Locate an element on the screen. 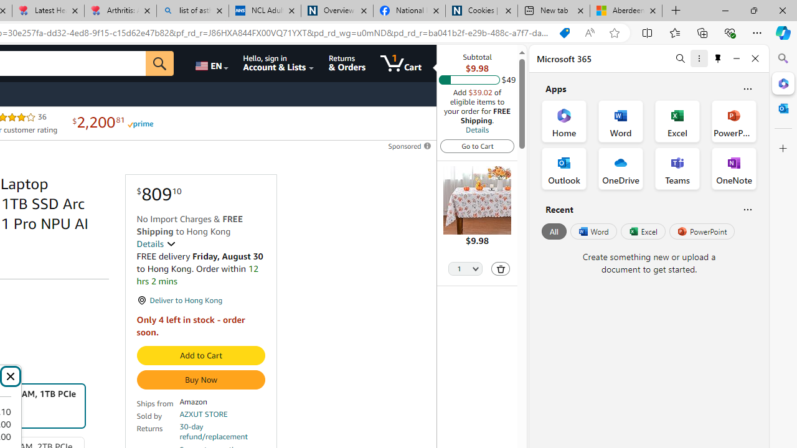  'Word' is located at coordinates (592, 231).